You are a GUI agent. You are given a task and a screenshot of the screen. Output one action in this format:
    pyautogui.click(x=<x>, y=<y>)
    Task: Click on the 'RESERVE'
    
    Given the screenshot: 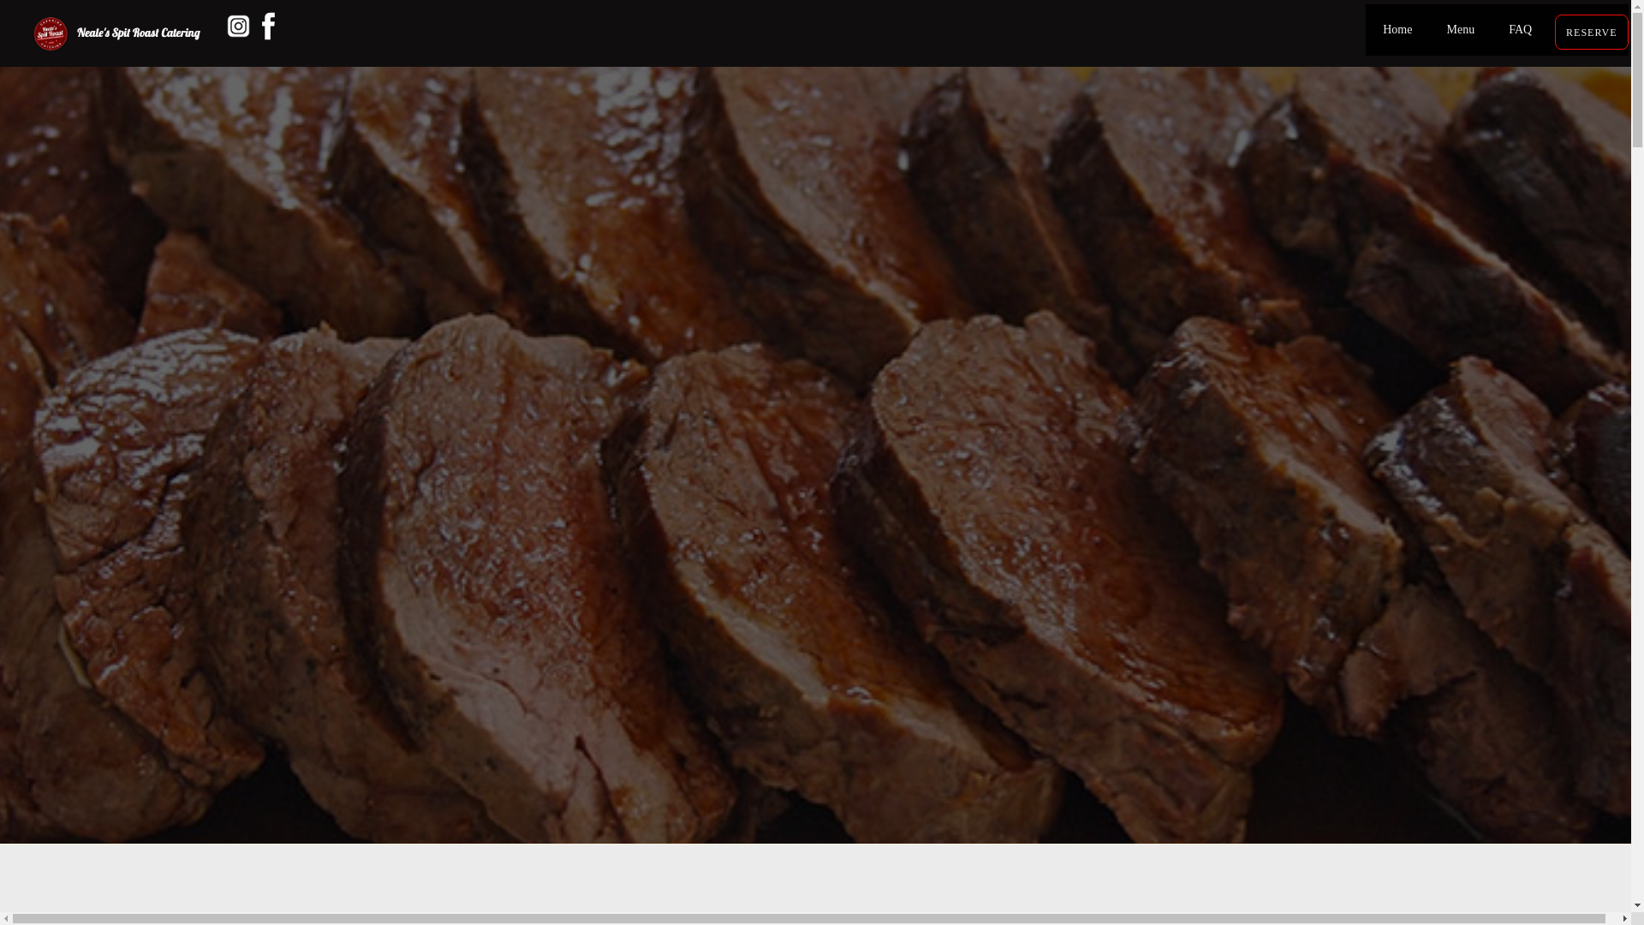 What is the action you would take?
    pyautogui.click(x=1590, y=32)
    